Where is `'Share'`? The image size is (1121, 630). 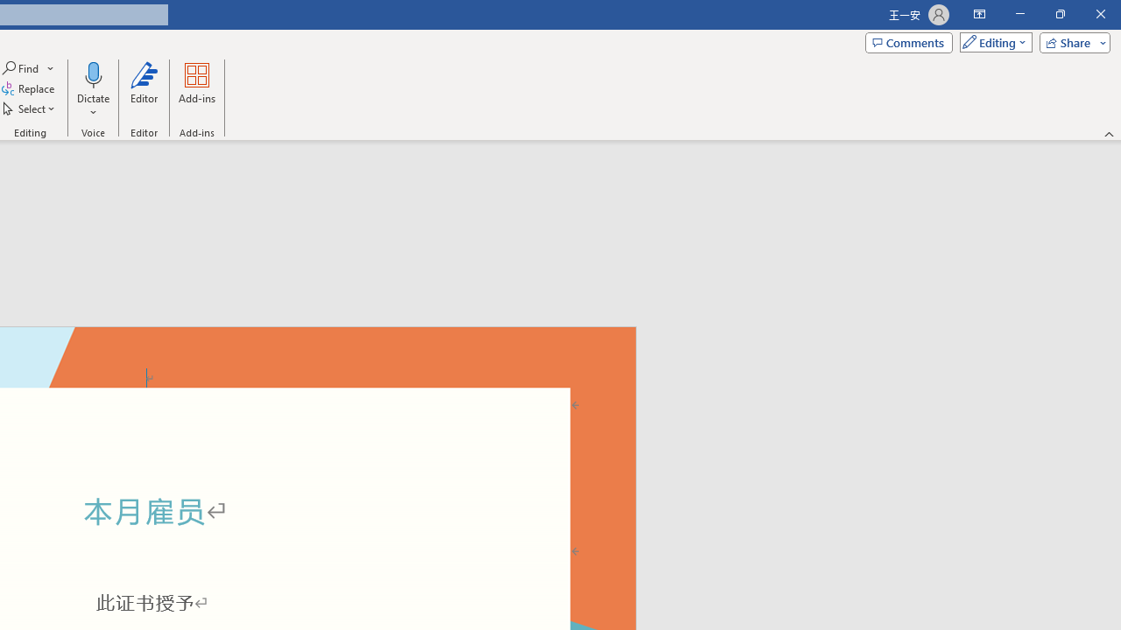 'Share' is located at coordinates (1070, 41).